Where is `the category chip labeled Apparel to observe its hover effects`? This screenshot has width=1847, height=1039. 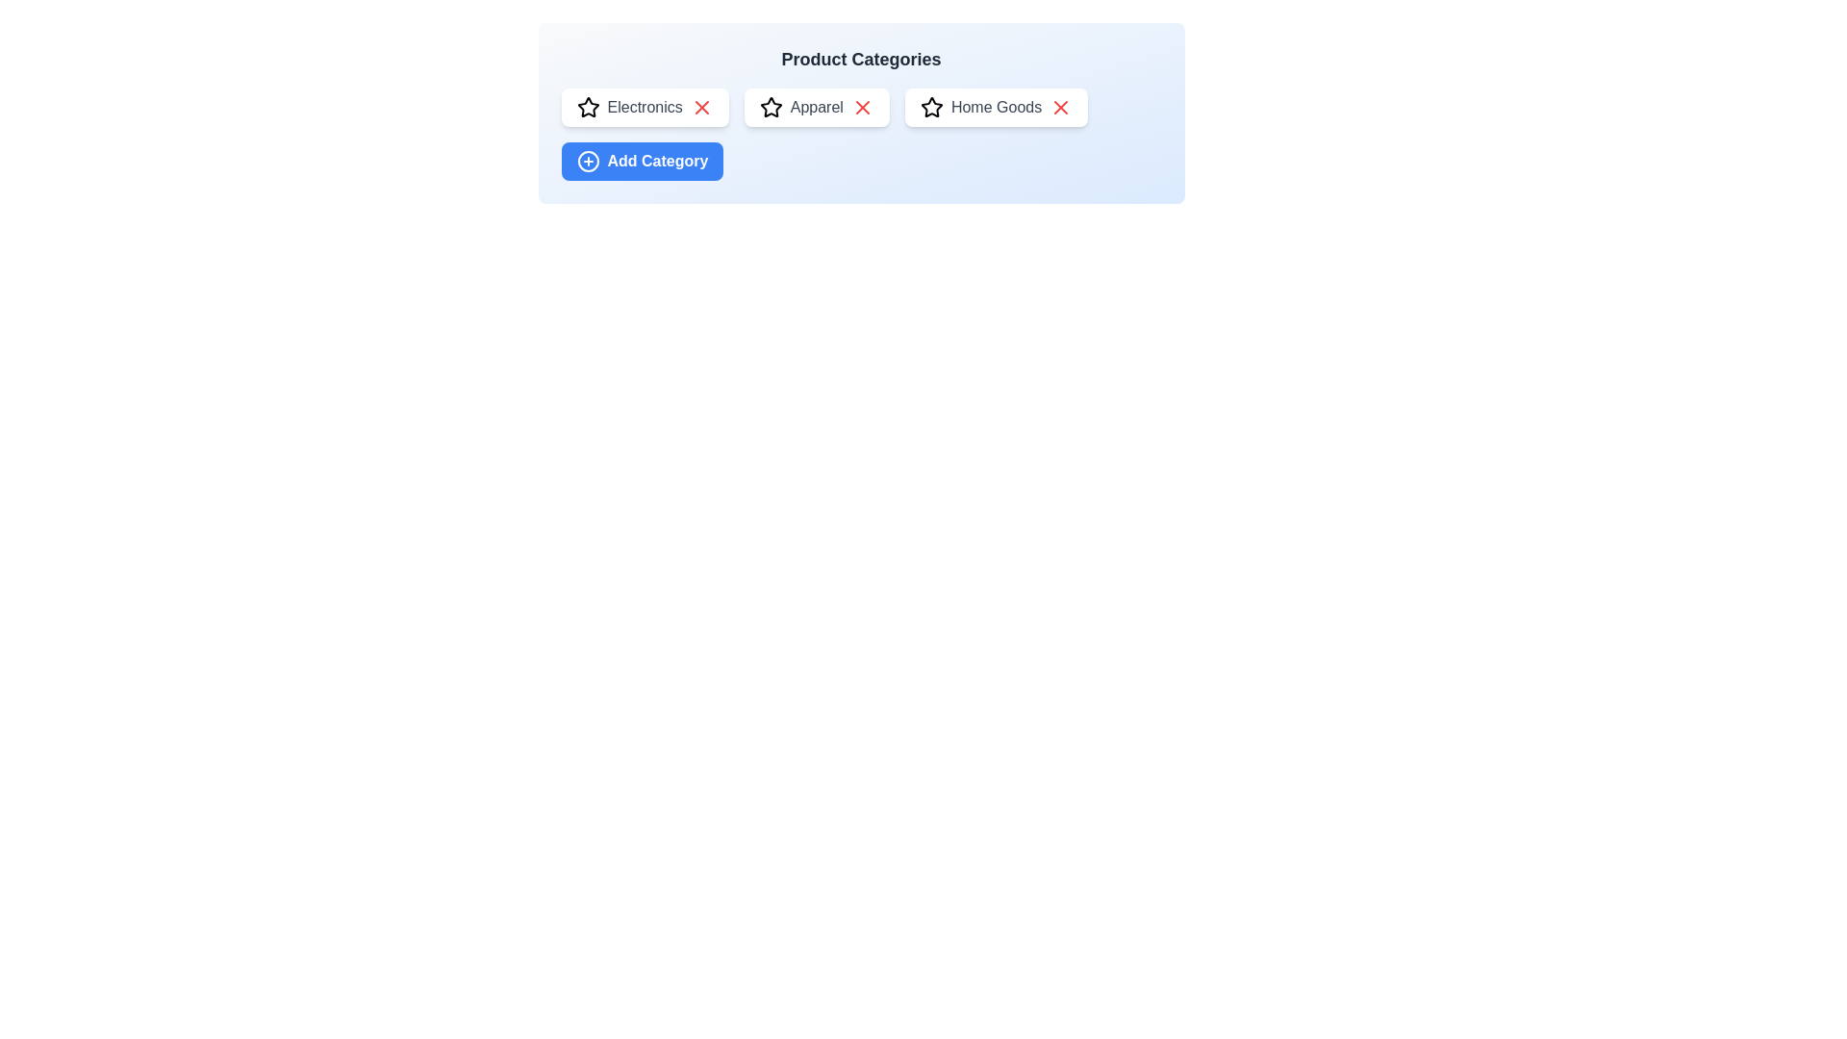 the category chip labeled Apparel to observe its hover effects is located at coordinates (817, 107).